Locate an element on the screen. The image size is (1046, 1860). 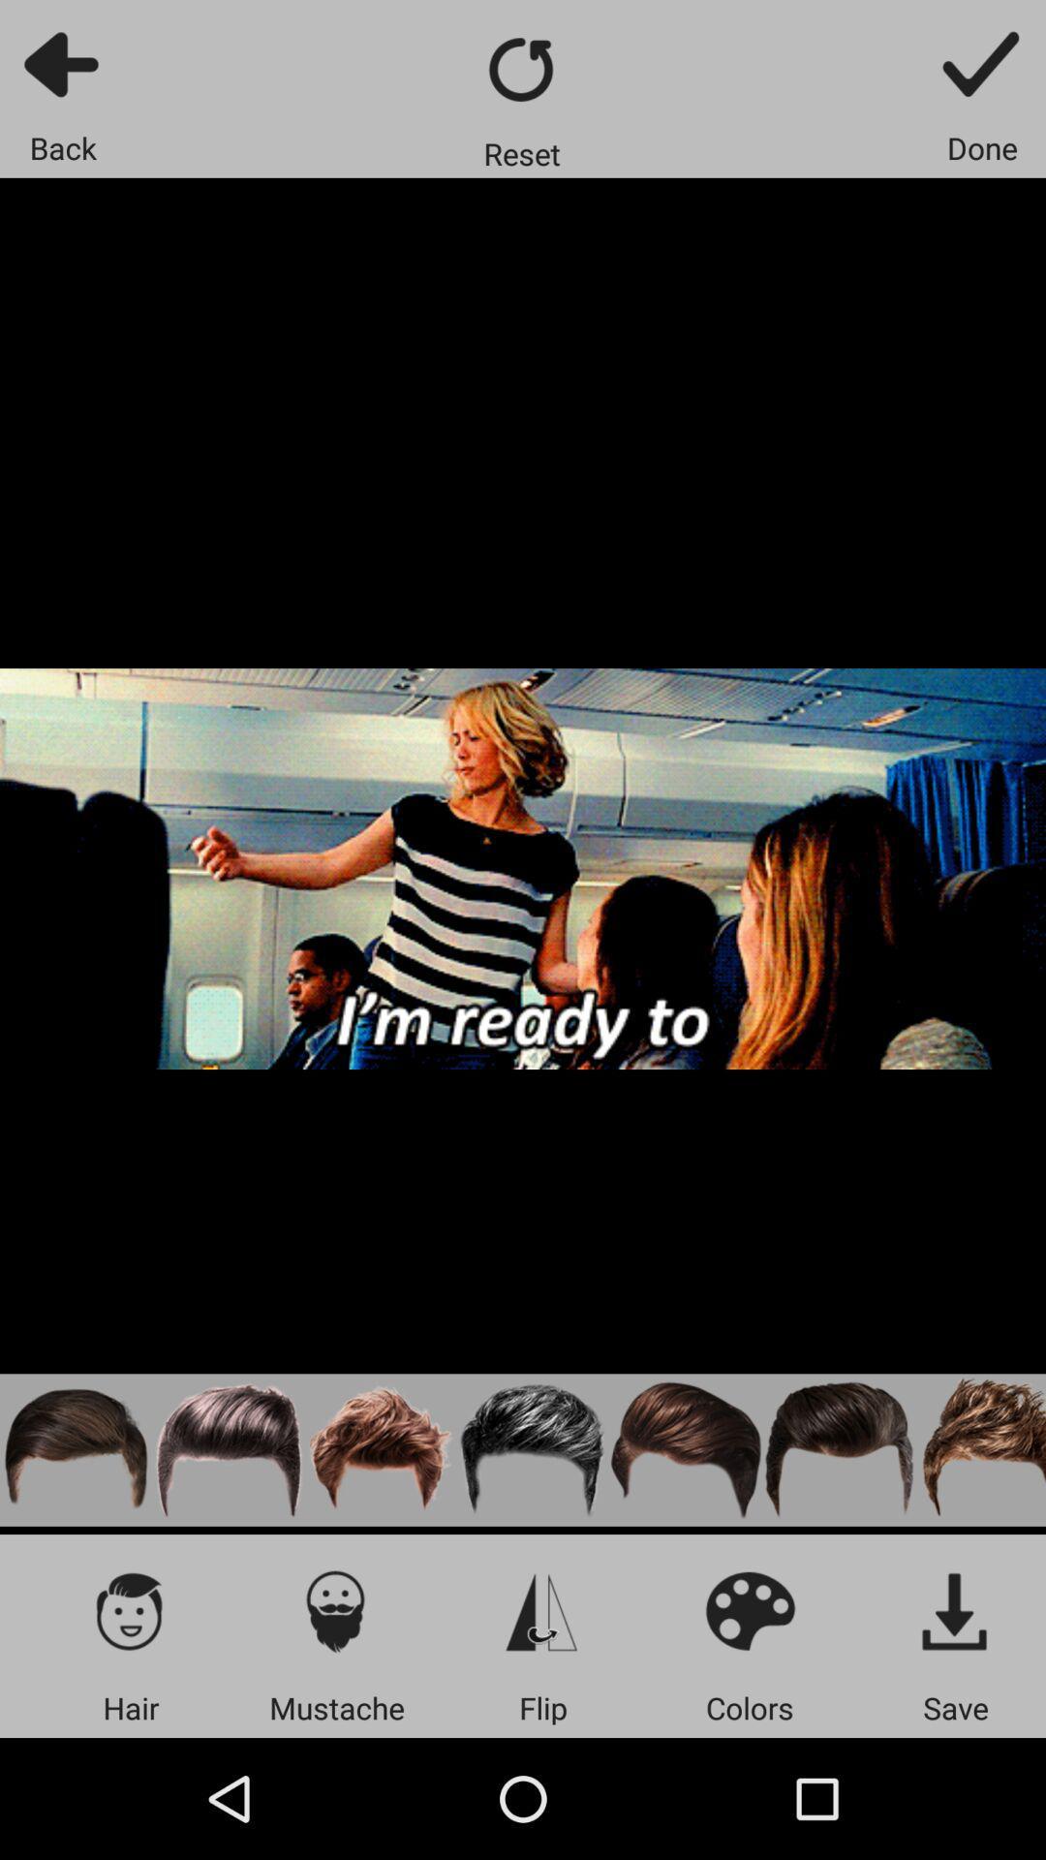
the colors icon is located at coordinates (749, 1610).